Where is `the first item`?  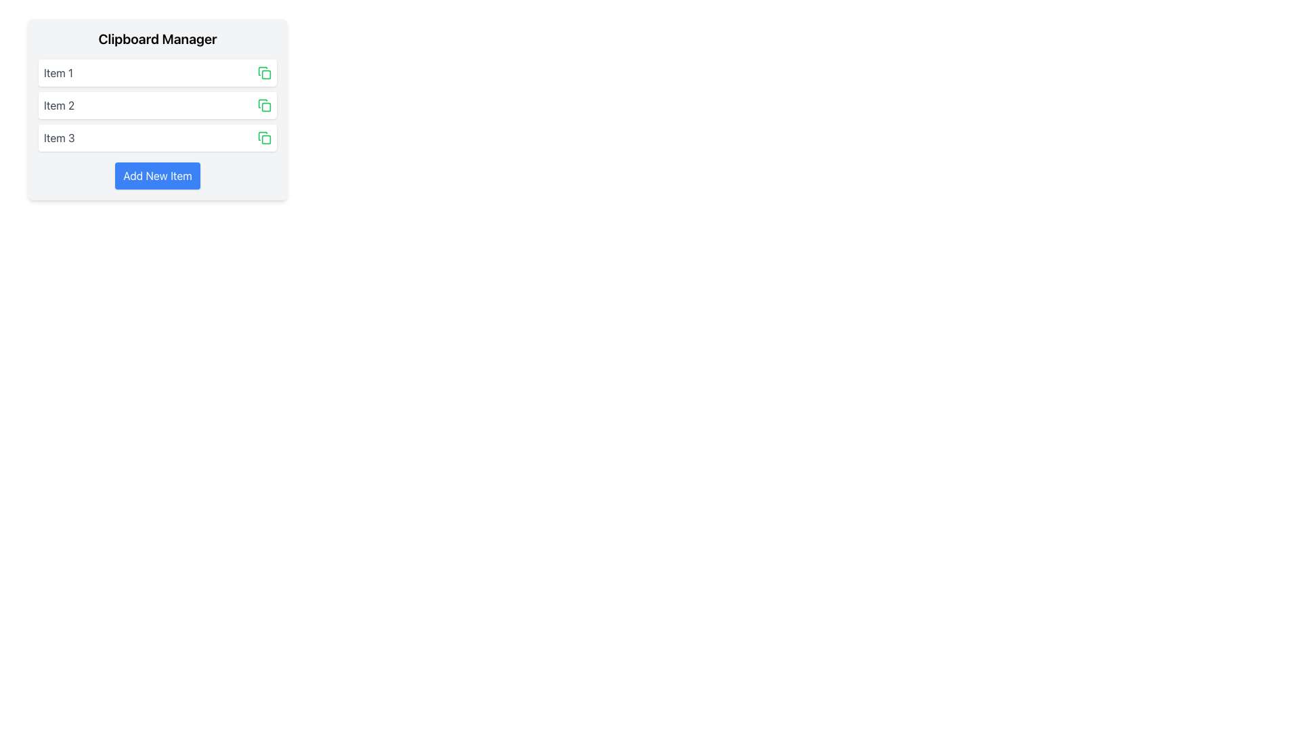 the first item is located at coordinates (158, 73).